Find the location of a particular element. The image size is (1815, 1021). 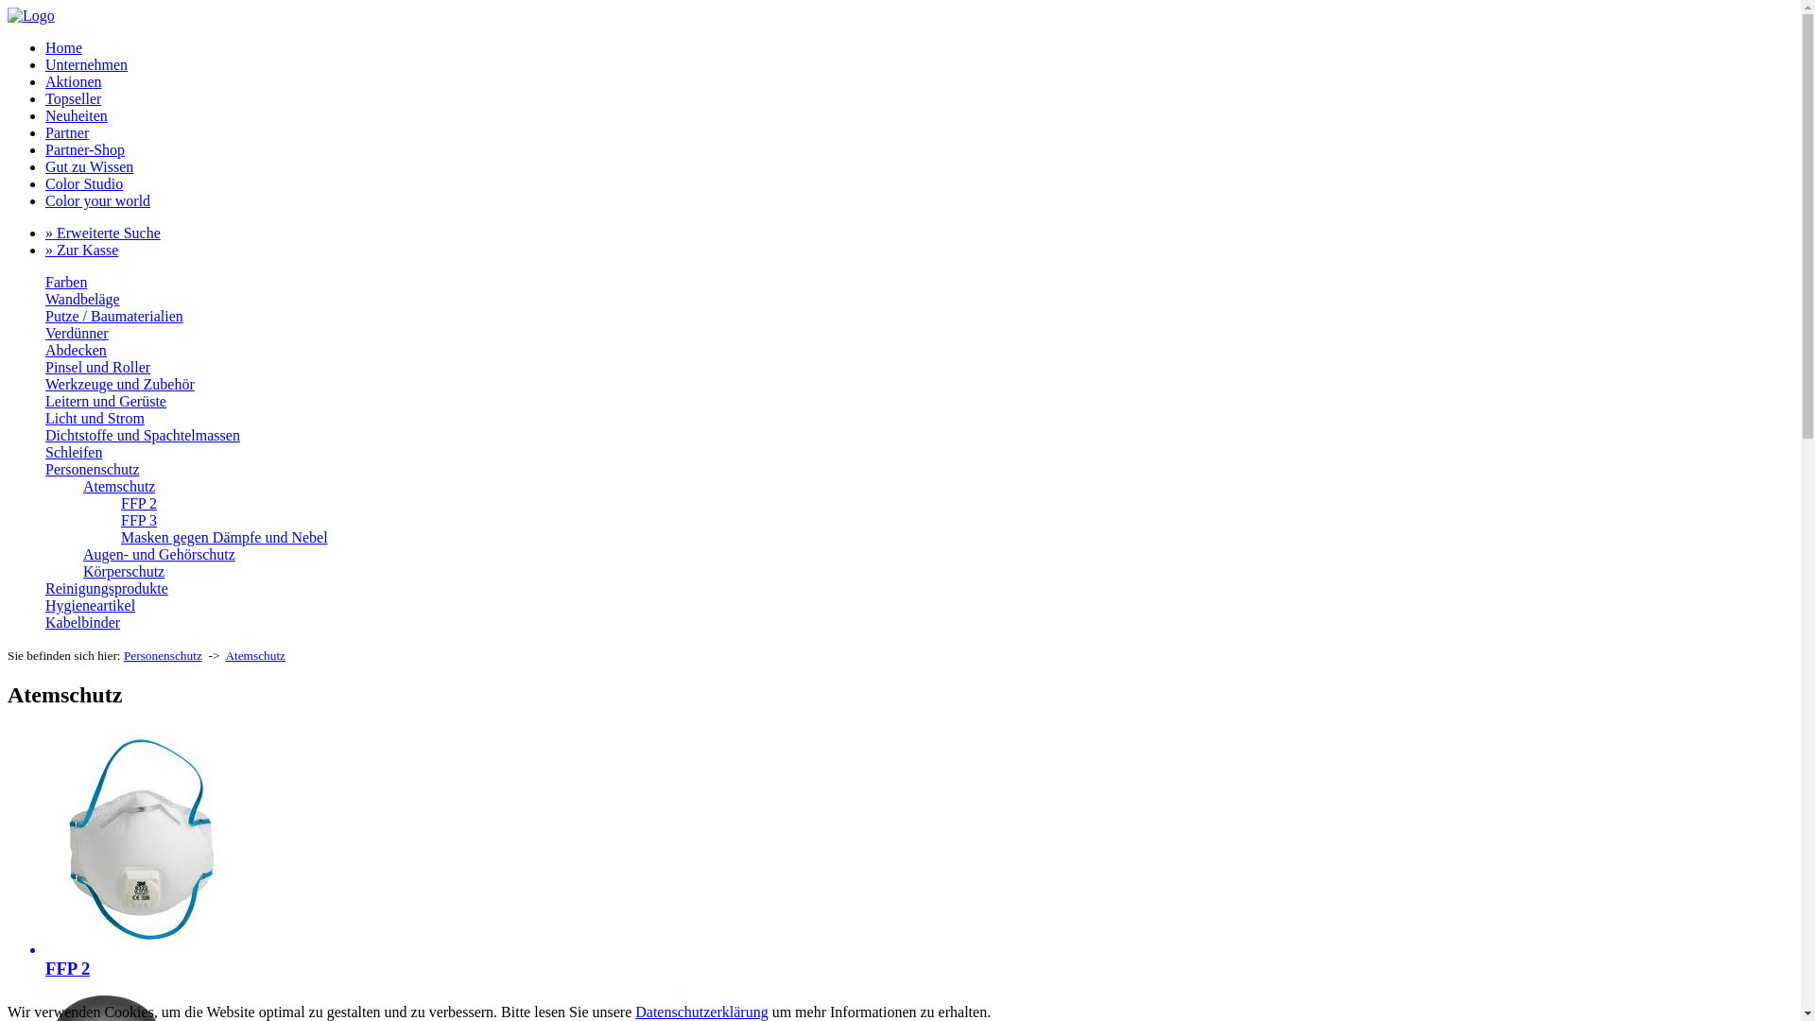

'Home' is located at coordinates (63, 46).